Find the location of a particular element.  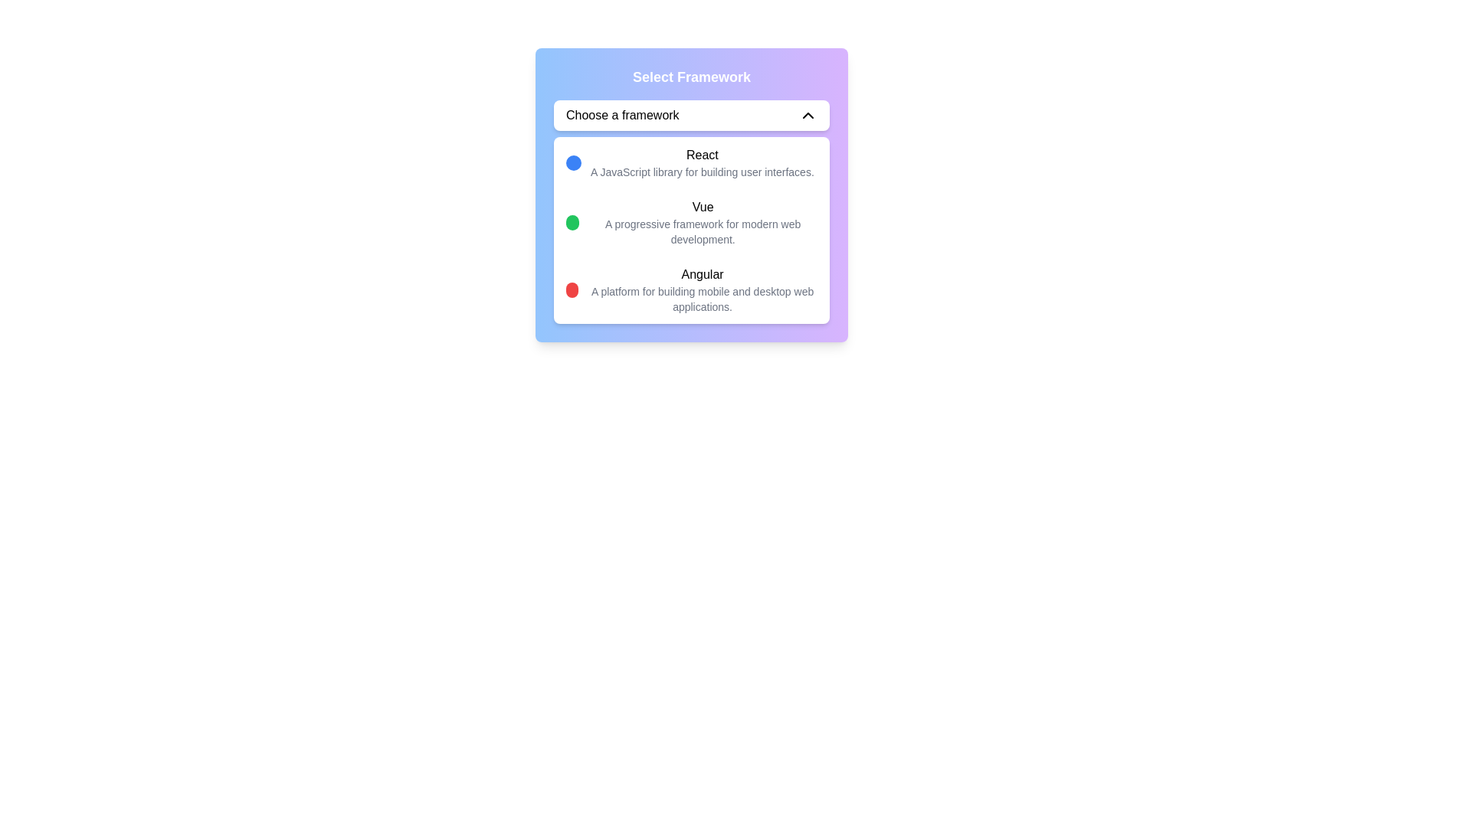

the informative text block element titled 'Vue', which is styled with a medium bold font and followed by descriptive text about modern web development is located at coordinates (702, 222).